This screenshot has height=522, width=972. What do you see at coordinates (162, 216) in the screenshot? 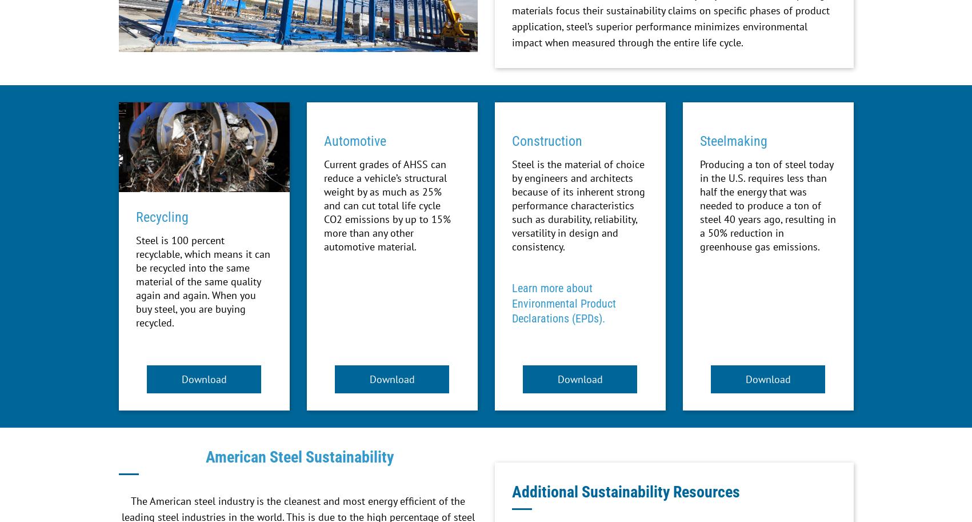
I see `'Recycling'` at bounding box center [162, 216].